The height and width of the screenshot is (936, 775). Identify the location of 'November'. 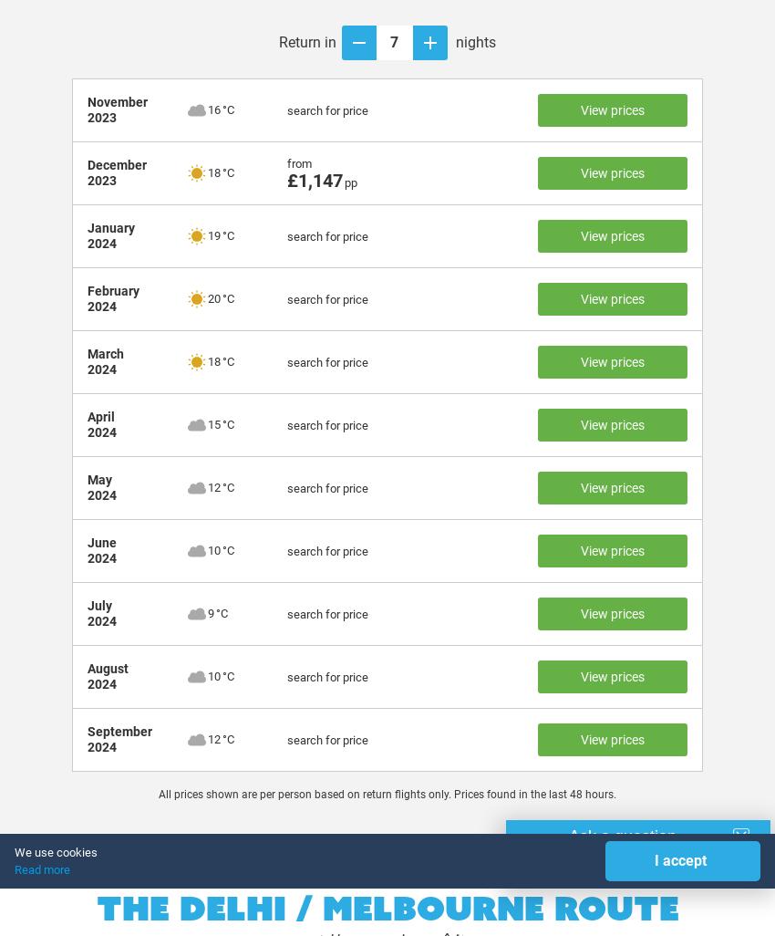
(117, 102).